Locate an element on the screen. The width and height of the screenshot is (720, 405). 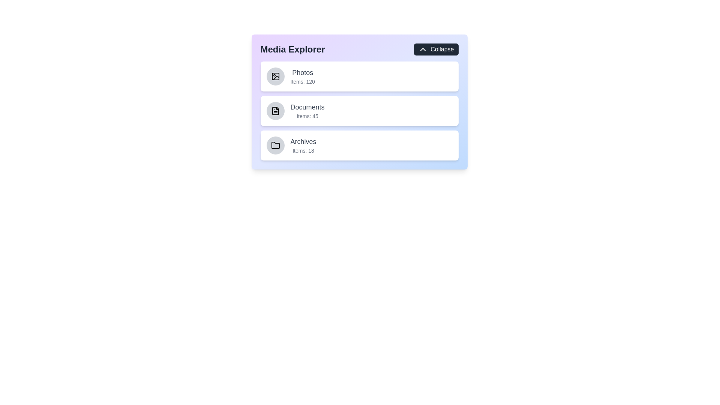
the 'Collapse' button to toggle the expansion state of the component is located at coordinates (436, 49).